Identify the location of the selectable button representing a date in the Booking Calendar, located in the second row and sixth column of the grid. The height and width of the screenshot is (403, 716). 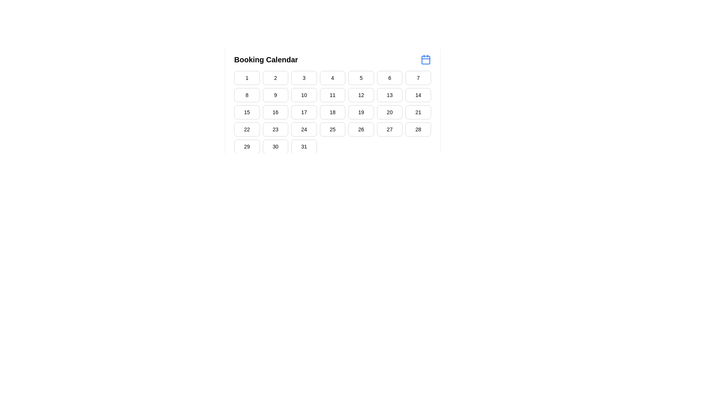
(389, 94).